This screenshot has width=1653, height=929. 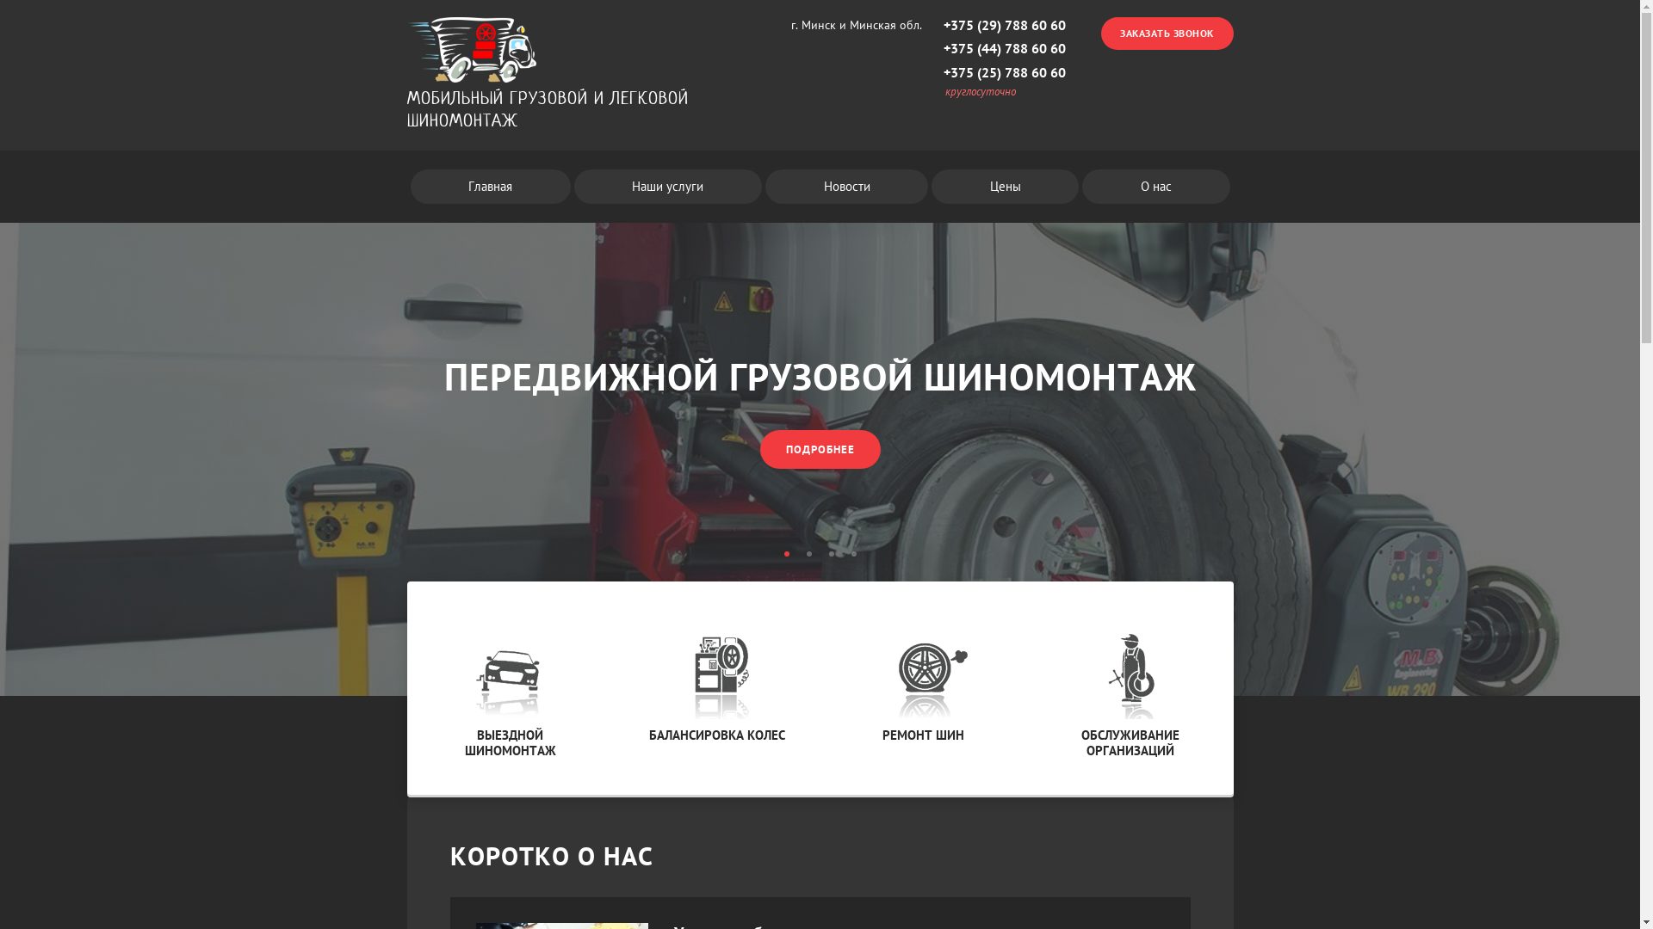 I want to click on '+375 (25) 788 60 60', so click(x=1004, y=71).